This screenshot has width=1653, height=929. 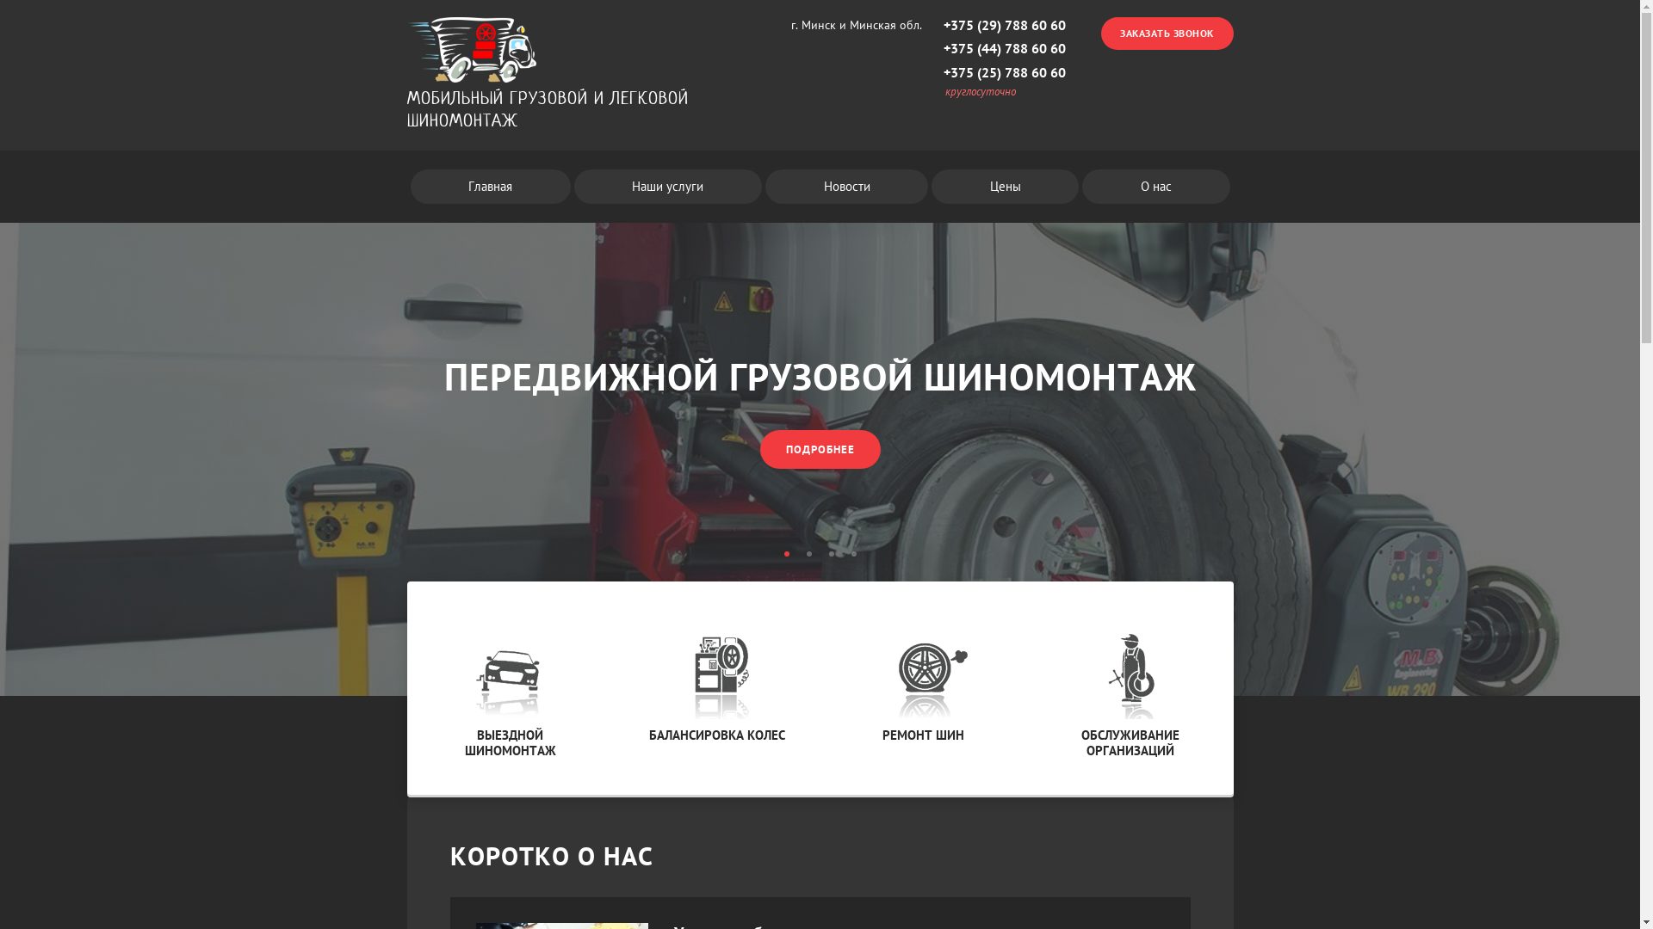 I want to click on '+375 (25) 788 60 60', so click(x=1004, y=71).